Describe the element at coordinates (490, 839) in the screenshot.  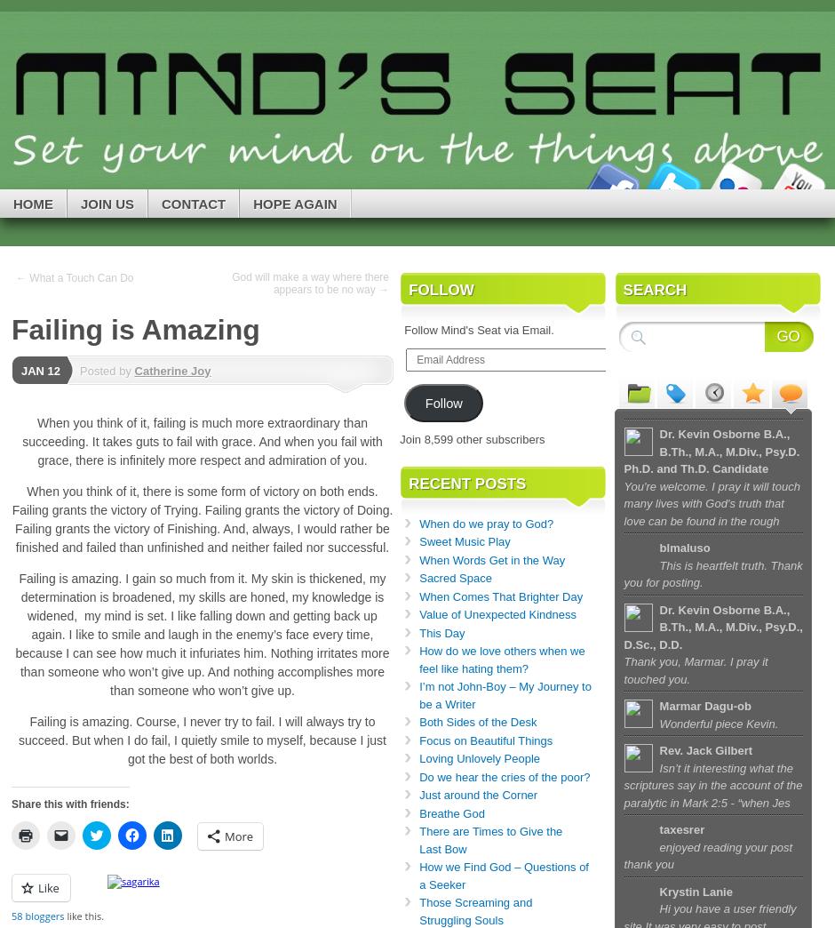
I see `'There are Times to Give the Last Bow'` at that location.